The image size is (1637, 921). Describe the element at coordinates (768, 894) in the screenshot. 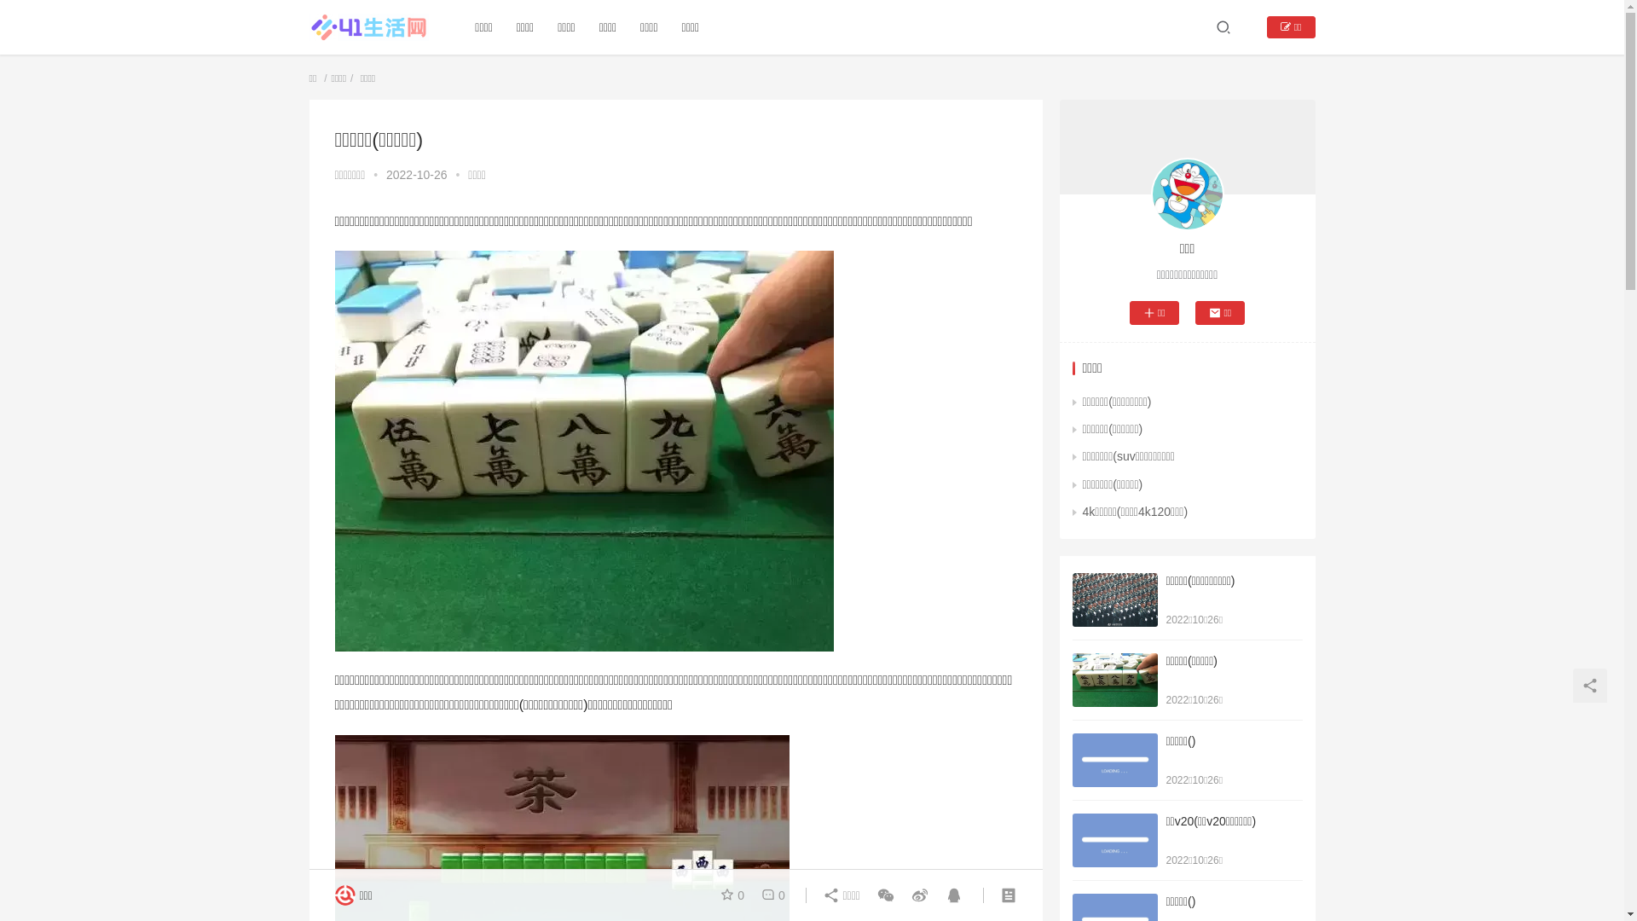

I see `'0'` at that location.